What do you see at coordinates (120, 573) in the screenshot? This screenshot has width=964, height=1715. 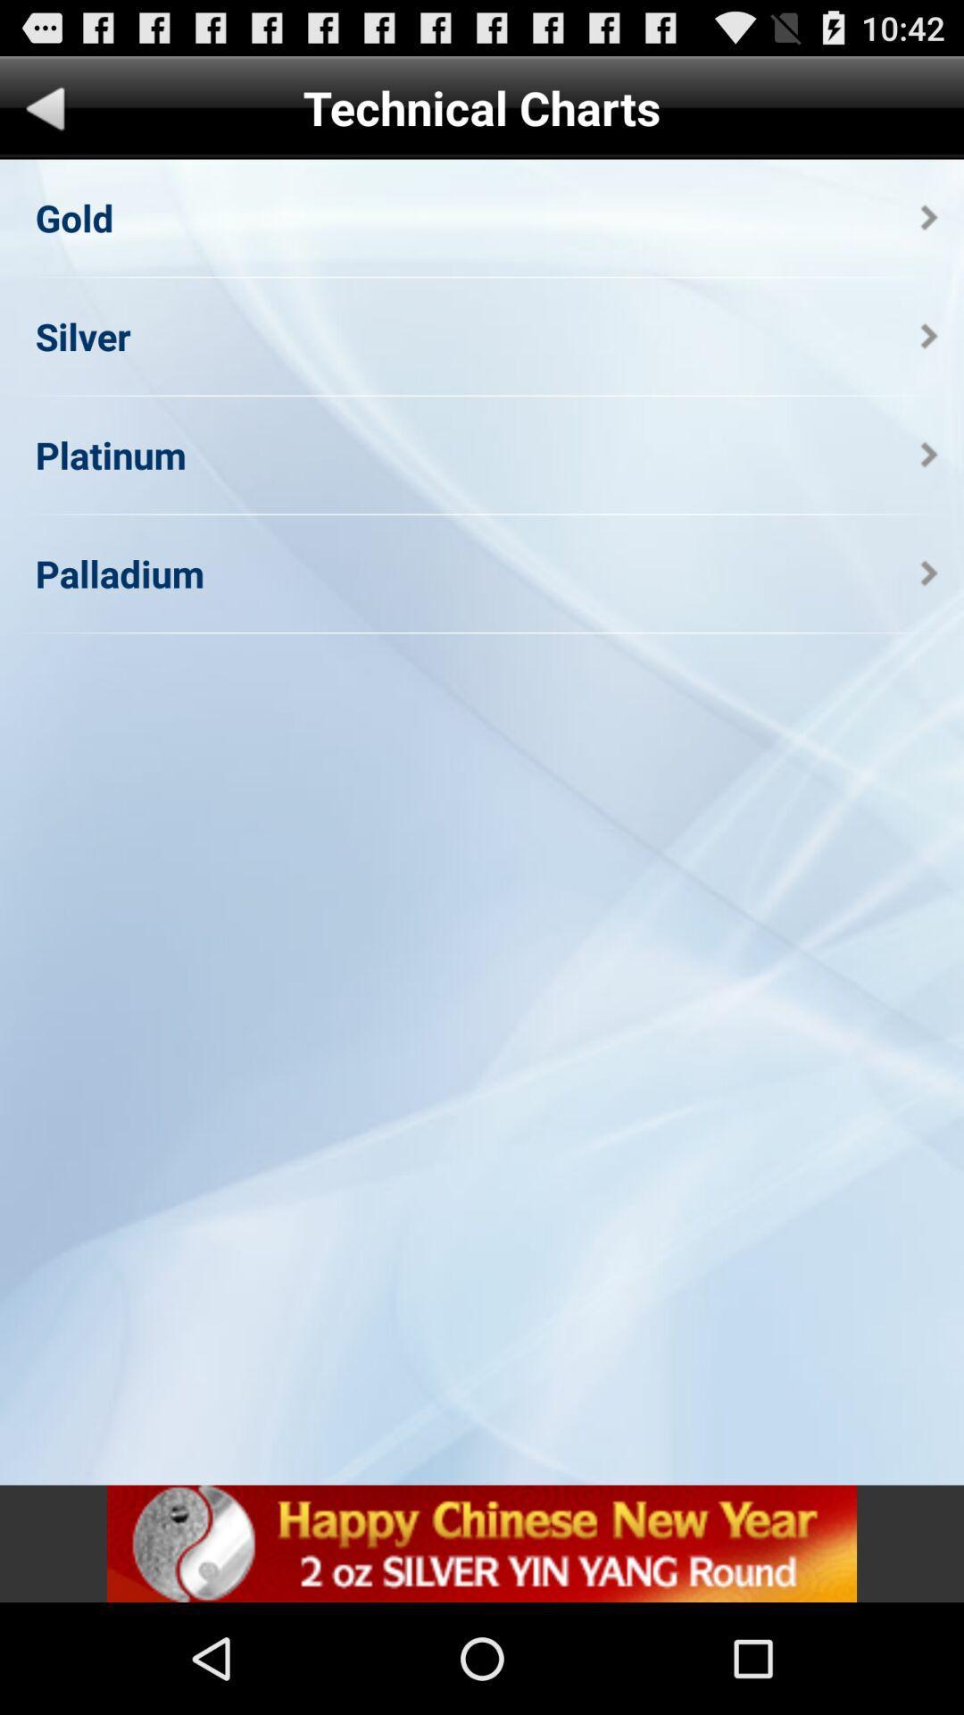 I see `the palladium` at bounding box center [120, 573].